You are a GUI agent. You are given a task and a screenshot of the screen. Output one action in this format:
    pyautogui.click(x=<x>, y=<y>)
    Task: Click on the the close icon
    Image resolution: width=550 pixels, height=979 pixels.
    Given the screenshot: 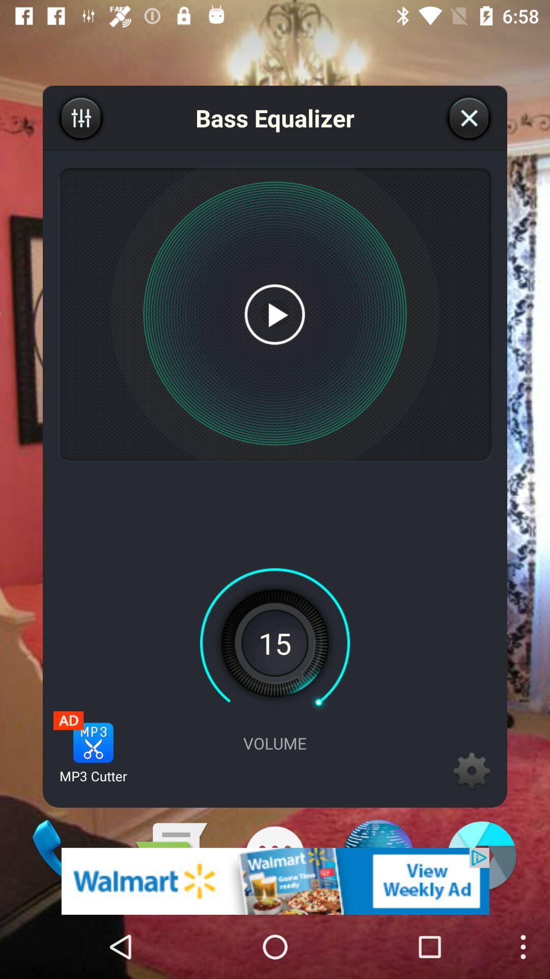 What is the action you would take?
    pyautogui.click(x=469, y=118)
    